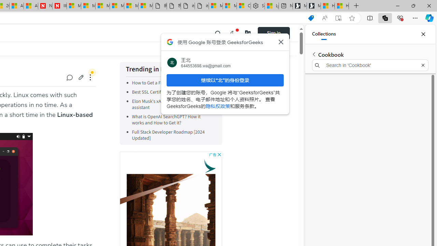 This screenshot has width=437, height=246. Describe the element at coordinates (310, 18) in the screenshot. I see `'This site has coupons! Shopping in Microsoft Edge'` at that location.